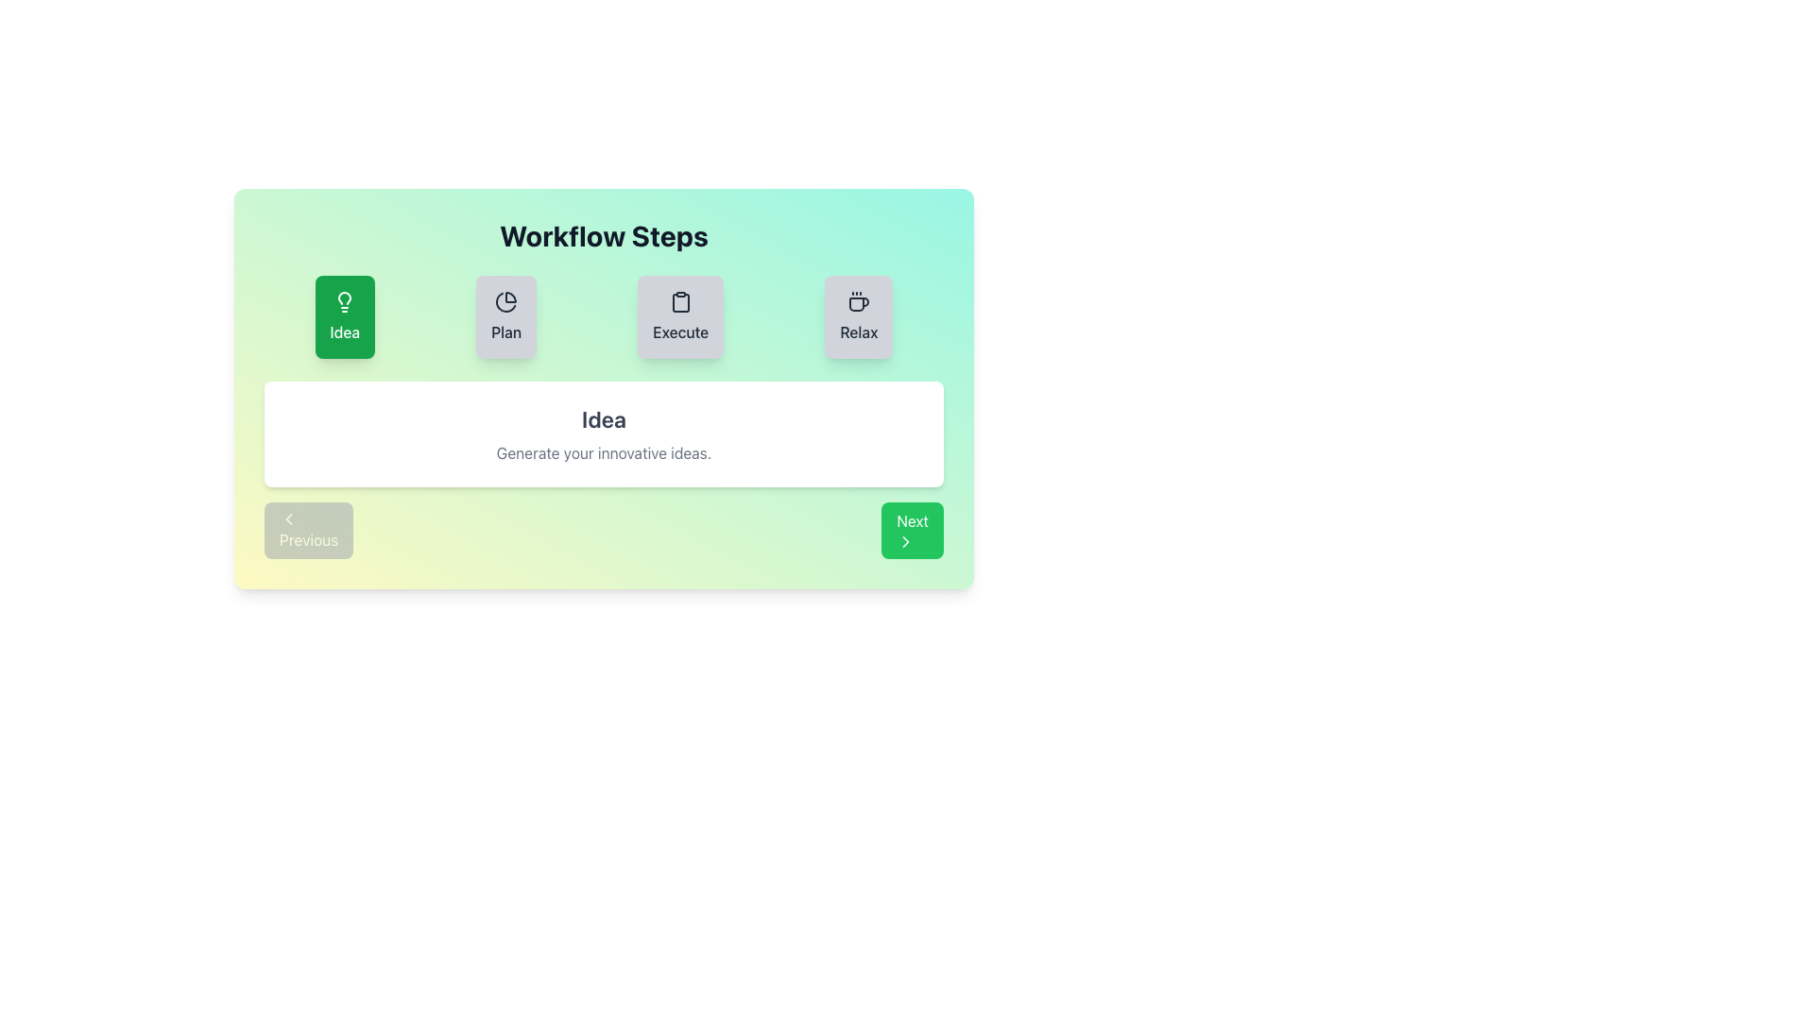 The height and width of the screenshot is (1020, 1814). Describe the element at coordinates (603, 235) in the screenshot. I see `the text label that reads 'Workflow Steps', which is bold and large-sized, centered at the top of a card with a gradient background` at that location.